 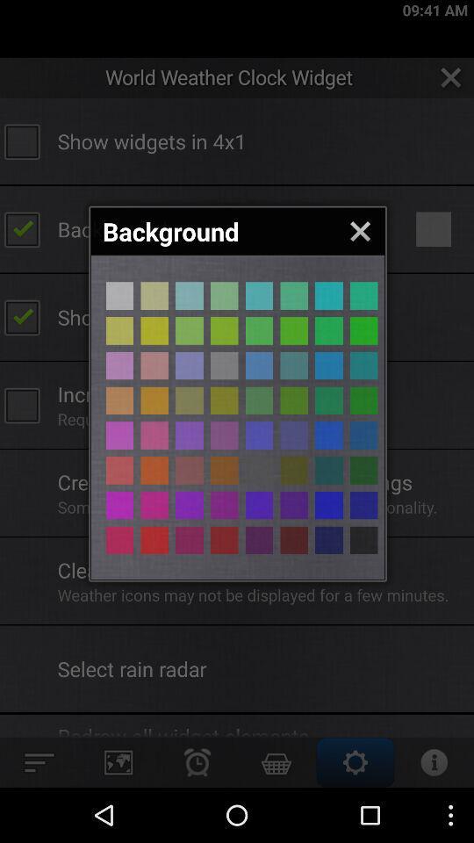 What do you see at coordinates (328, 329) in the screenshot?
I see `color button` at bounding box center [328, 329].